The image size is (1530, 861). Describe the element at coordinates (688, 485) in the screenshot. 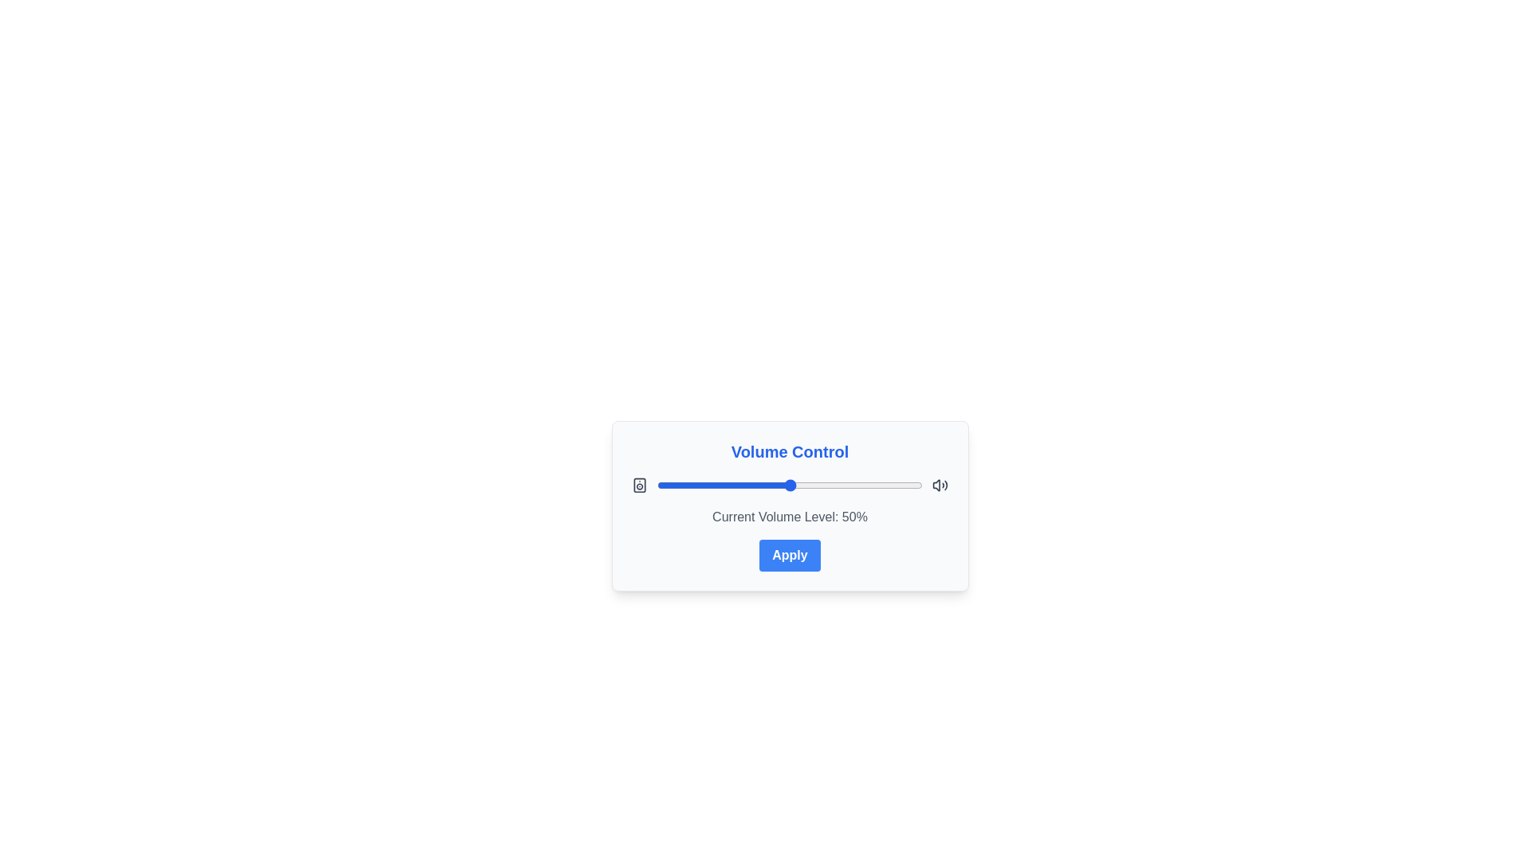

I see `the volume level` at that location.